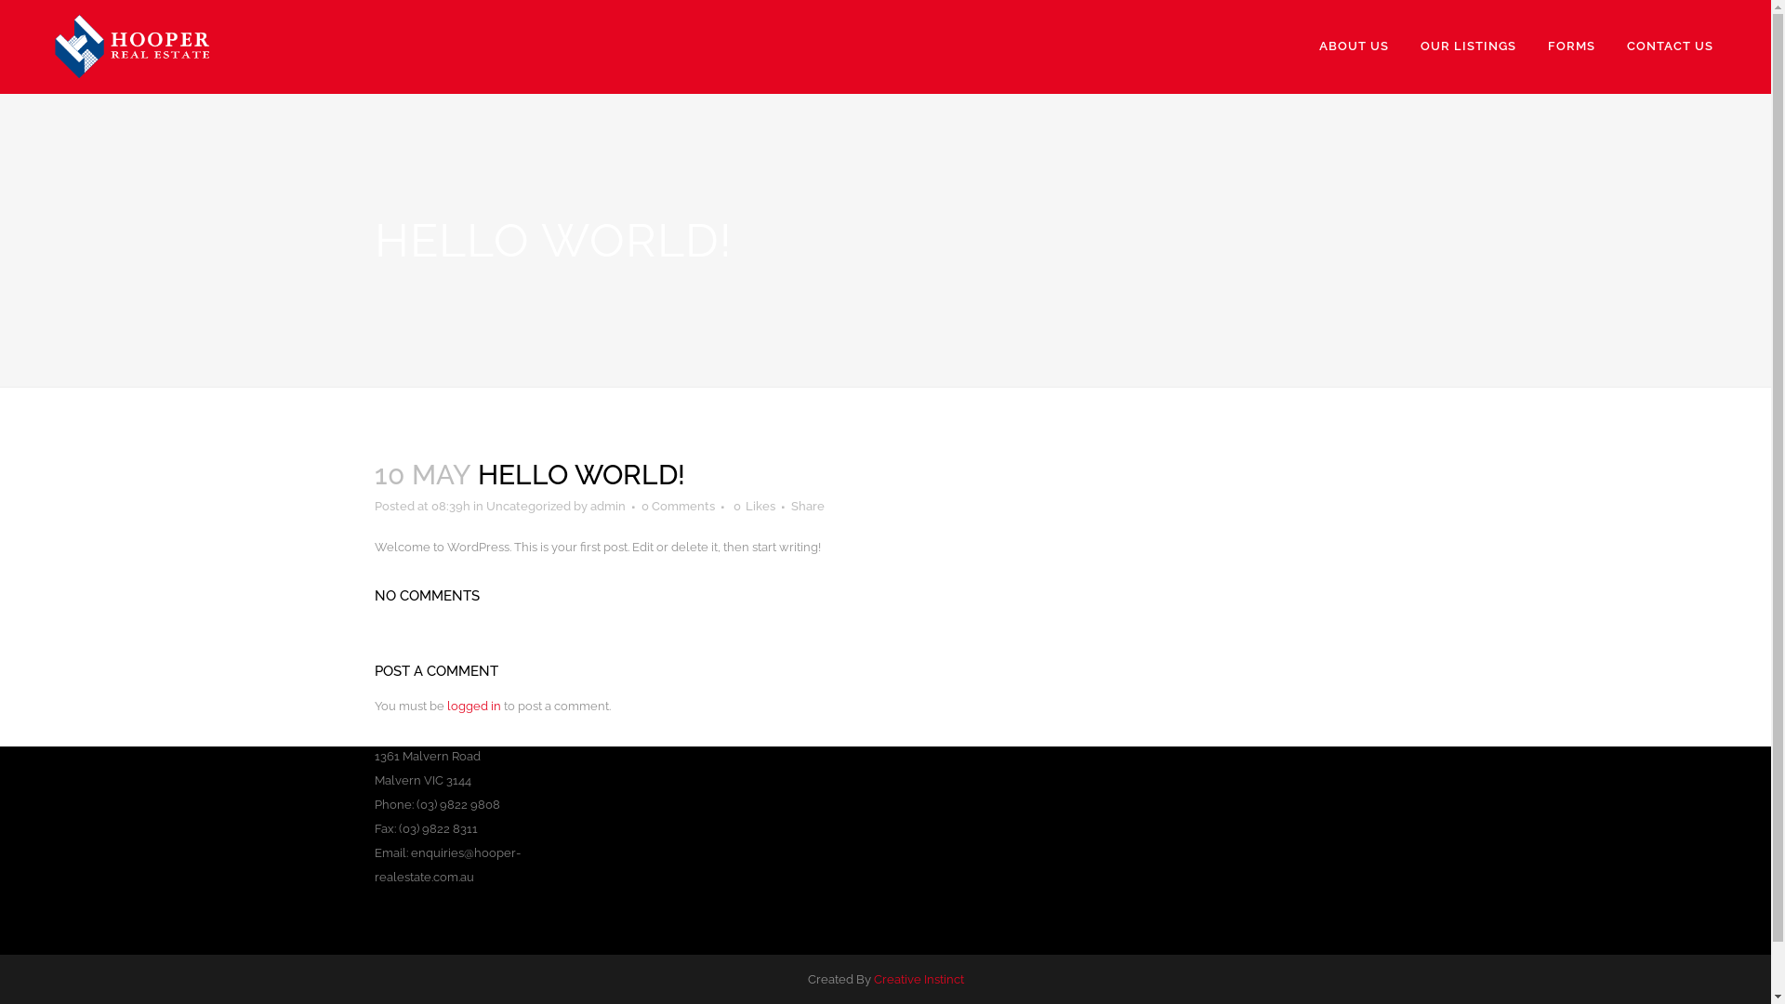 The image size is (1785, 1004). Describe the element at coordinates (526, 506) in the screenshot. I see `'Uncategorized'` at that location.